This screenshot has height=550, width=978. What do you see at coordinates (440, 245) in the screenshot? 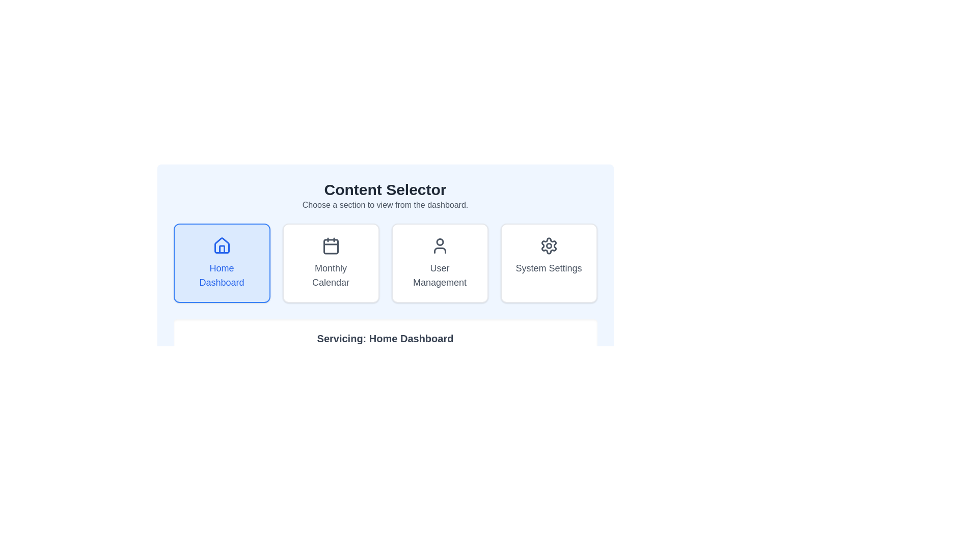
I see `the user profile icon located within the 'User Management' section of the content selector interface, which features a circular head and a semi-elliptical body with a dark gray outline` at bounding box center [440, 245].